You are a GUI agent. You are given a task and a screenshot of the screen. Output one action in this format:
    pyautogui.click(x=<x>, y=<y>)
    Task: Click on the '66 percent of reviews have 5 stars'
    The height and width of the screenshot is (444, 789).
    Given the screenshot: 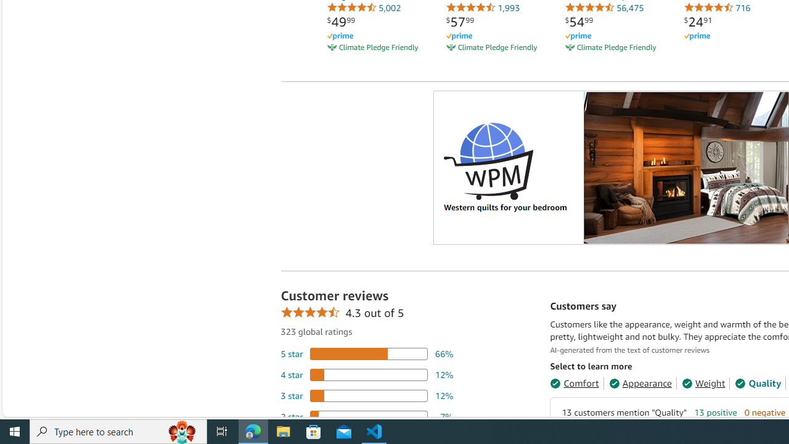 What is the action you would take?
    pyautogui.click(x=366, y=353)
    